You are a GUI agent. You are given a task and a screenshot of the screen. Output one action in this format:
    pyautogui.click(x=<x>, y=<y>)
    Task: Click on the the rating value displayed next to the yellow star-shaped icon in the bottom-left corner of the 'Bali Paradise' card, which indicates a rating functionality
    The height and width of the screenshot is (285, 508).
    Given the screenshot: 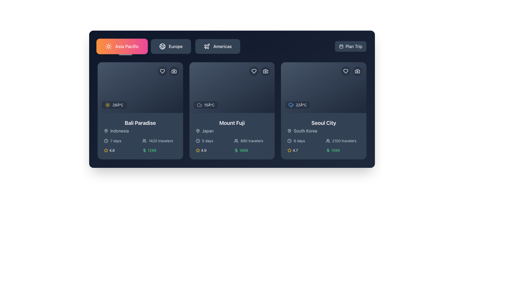 What is the action you would take?
    pyautogui.click(x=106, y=150)
    